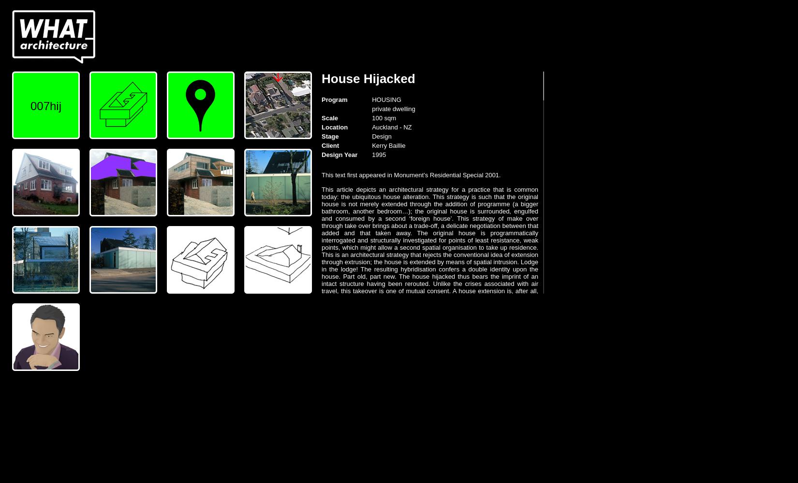  I want to click on '1995', so click(378, 154).